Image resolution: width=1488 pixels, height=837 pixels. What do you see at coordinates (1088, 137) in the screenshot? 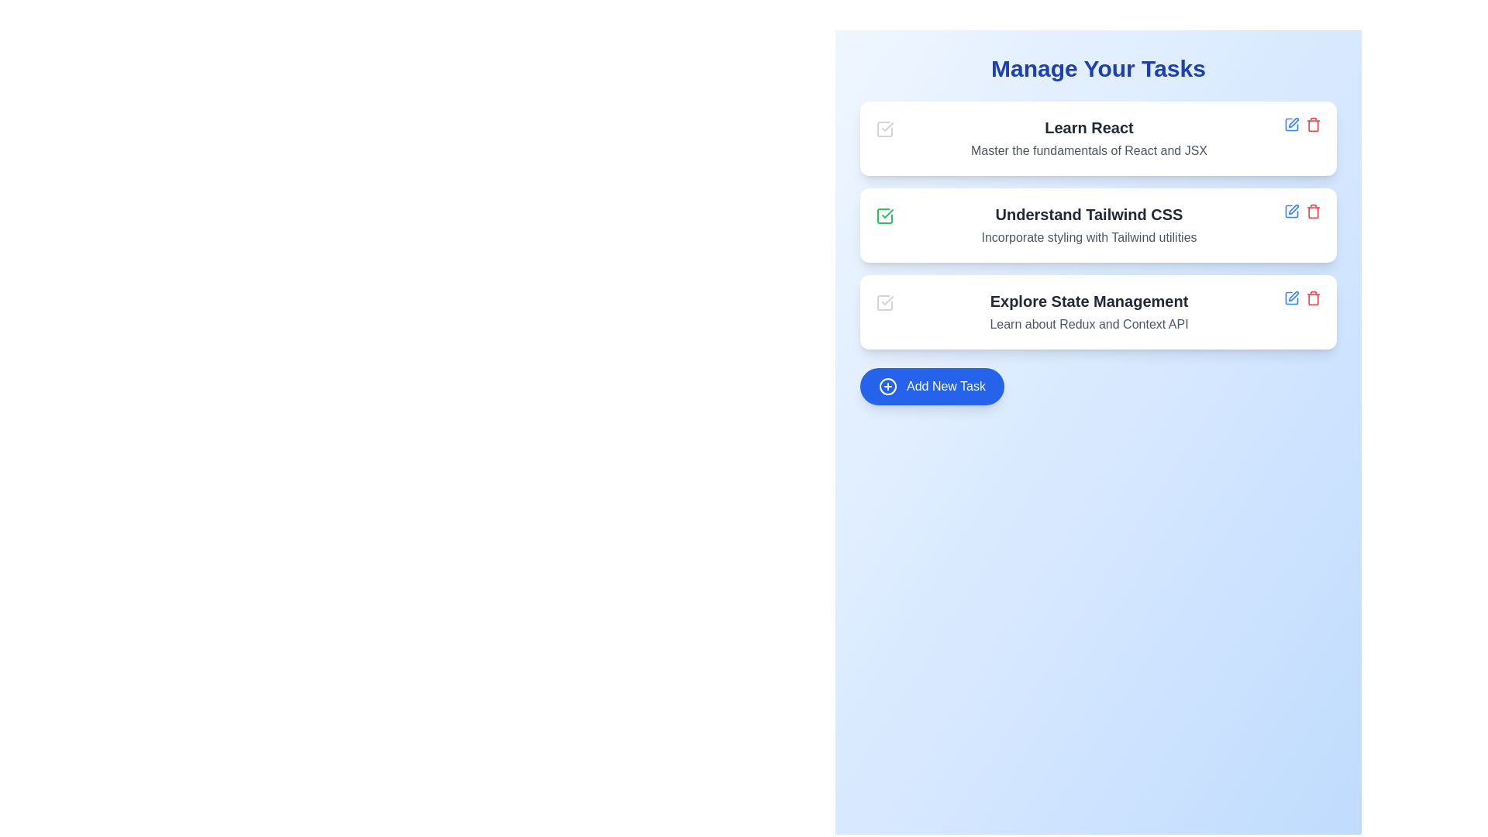
I see `text content of the Text Block that provides the title and brief description for a task related to studying React, located in the first task card under 'Manage Your Tasks'` at bounding box center [1088, 137].